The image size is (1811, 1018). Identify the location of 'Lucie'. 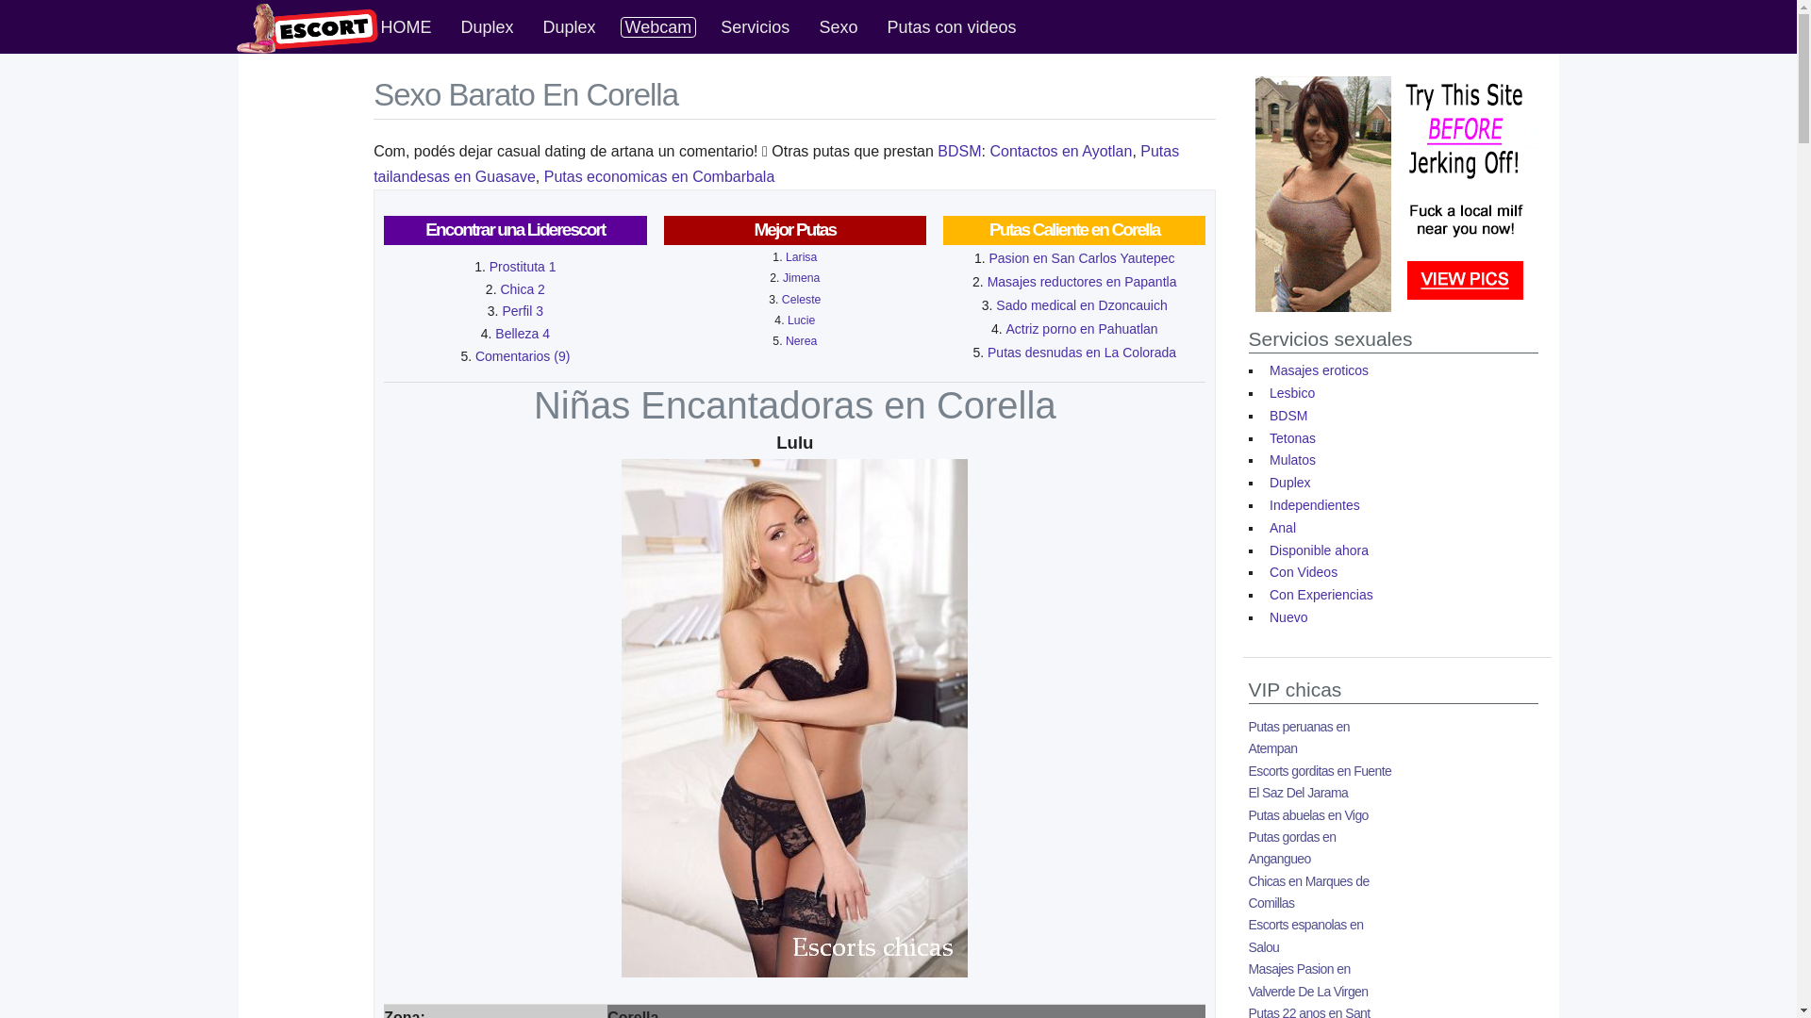
(801, 319).